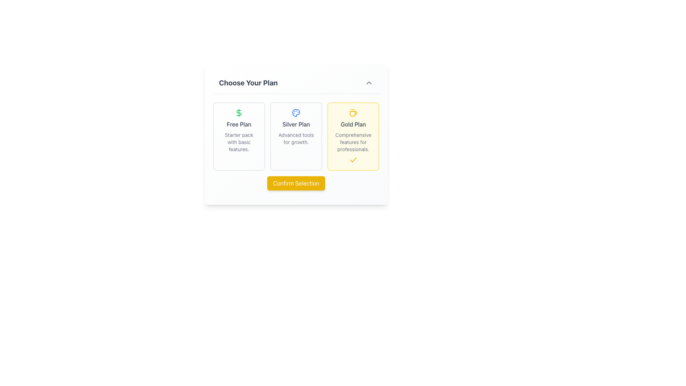 This screenshot has height=386, width=686. What do you see at coordinates (353, 159) in the screenshot?
I see `the small yellow checkmark icon located at the bottom of the 'Gold Plan' card, which is the third card in the row of plans` at bounding box center [353, 159].